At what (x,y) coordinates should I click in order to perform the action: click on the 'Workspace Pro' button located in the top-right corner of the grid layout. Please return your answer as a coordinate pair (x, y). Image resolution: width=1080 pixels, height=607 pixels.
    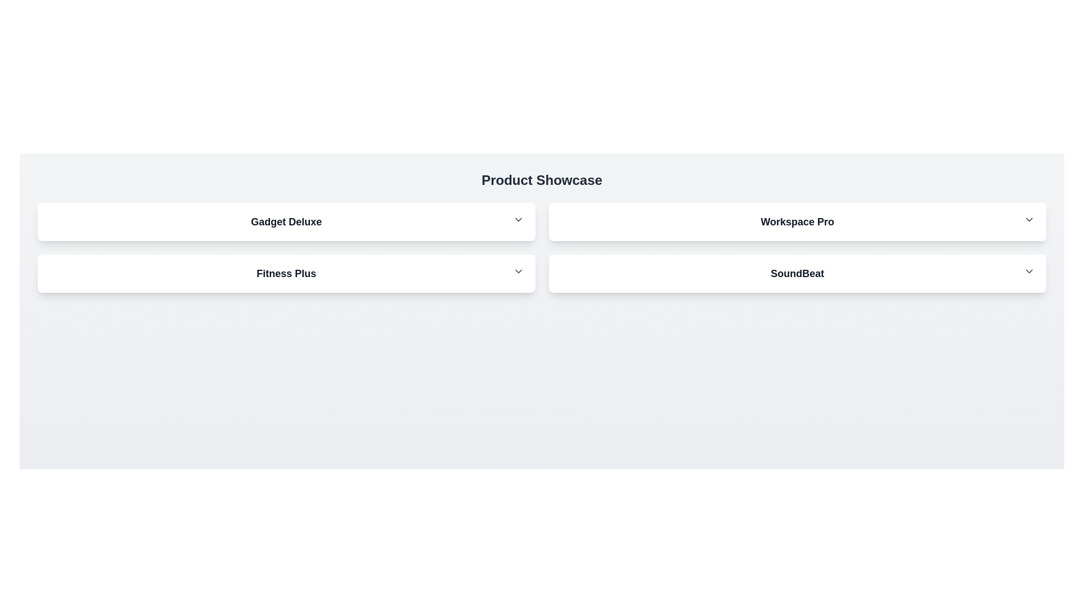
    Looking at the image, I should click on (796, 221).